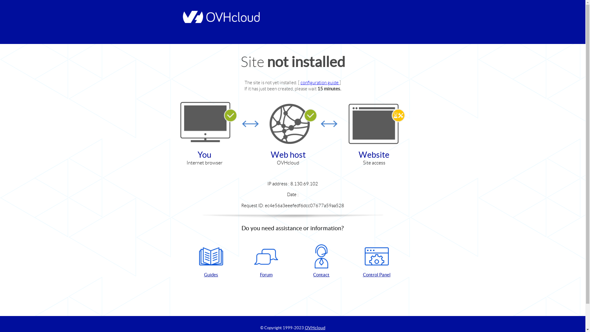  Describe the element at coordinates (211, 261) in the screenshot. I see `'Guides'` at that location.